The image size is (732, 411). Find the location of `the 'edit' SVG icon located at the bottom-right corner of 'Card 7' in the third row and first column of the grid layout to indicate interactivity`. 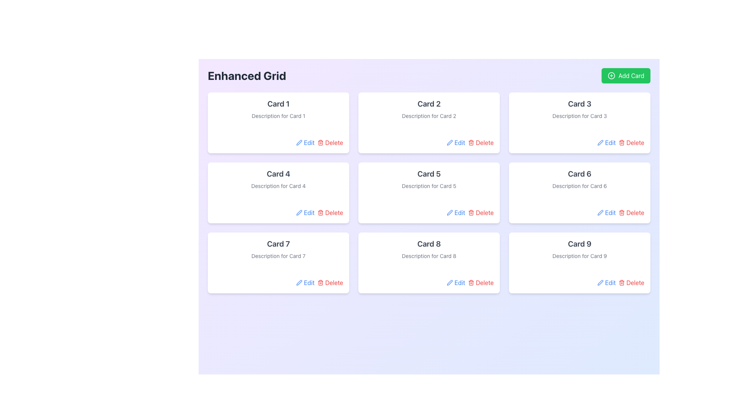

the 'edit' SVG icon located at the bottom-right corner of 'Card 7' in the third row and first column of the grid layout to indicate interactivity is located at coordinates (299, 283).